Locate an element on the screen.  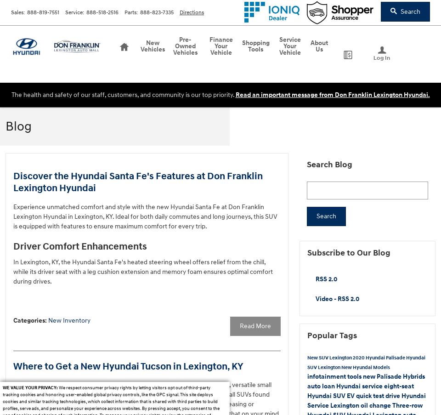
'Service' is located at coordinates (73, 12).